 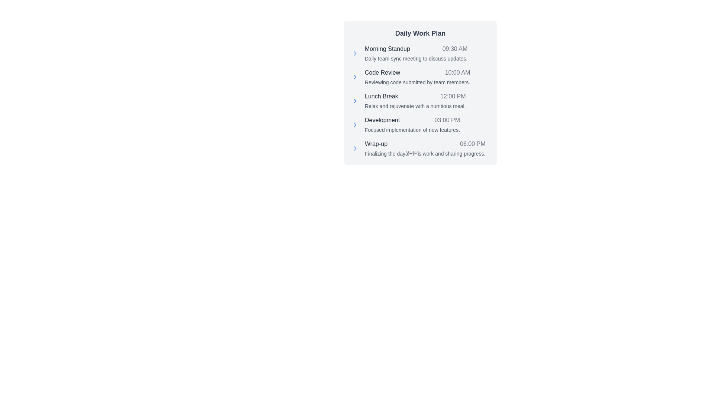 What do you see at coordinates (382, 73) in the screenshot?
I see `text from the 'Code Review' Text Label located in the second row of the 'Daily Work Plan' schedule section, positioned to the left of '10:00 AM'` at bounding box center [382, 73].